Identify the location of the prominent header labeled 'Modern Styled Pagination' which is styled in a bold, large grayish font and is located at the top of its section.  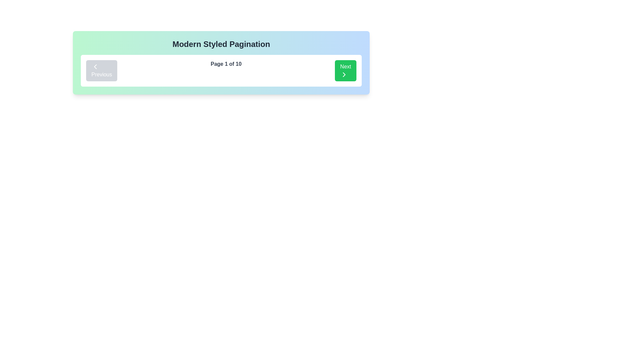
(221, 44).